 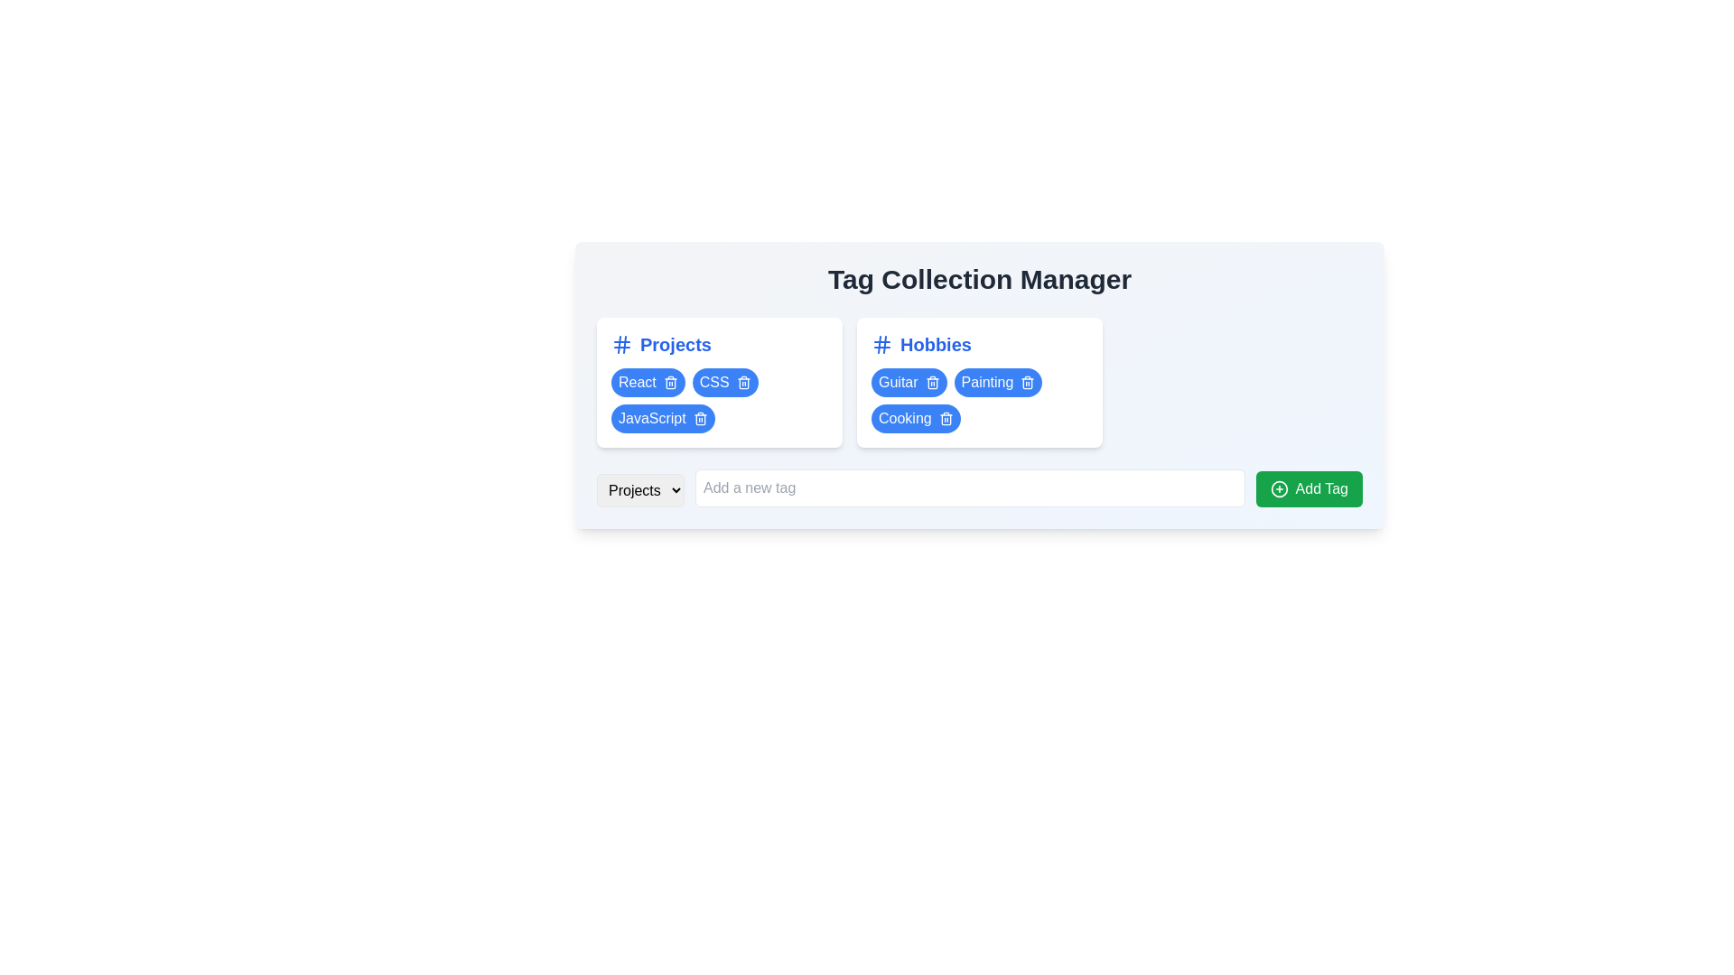 I want to click on the delete button with an icon, so click(x=932, y=382).